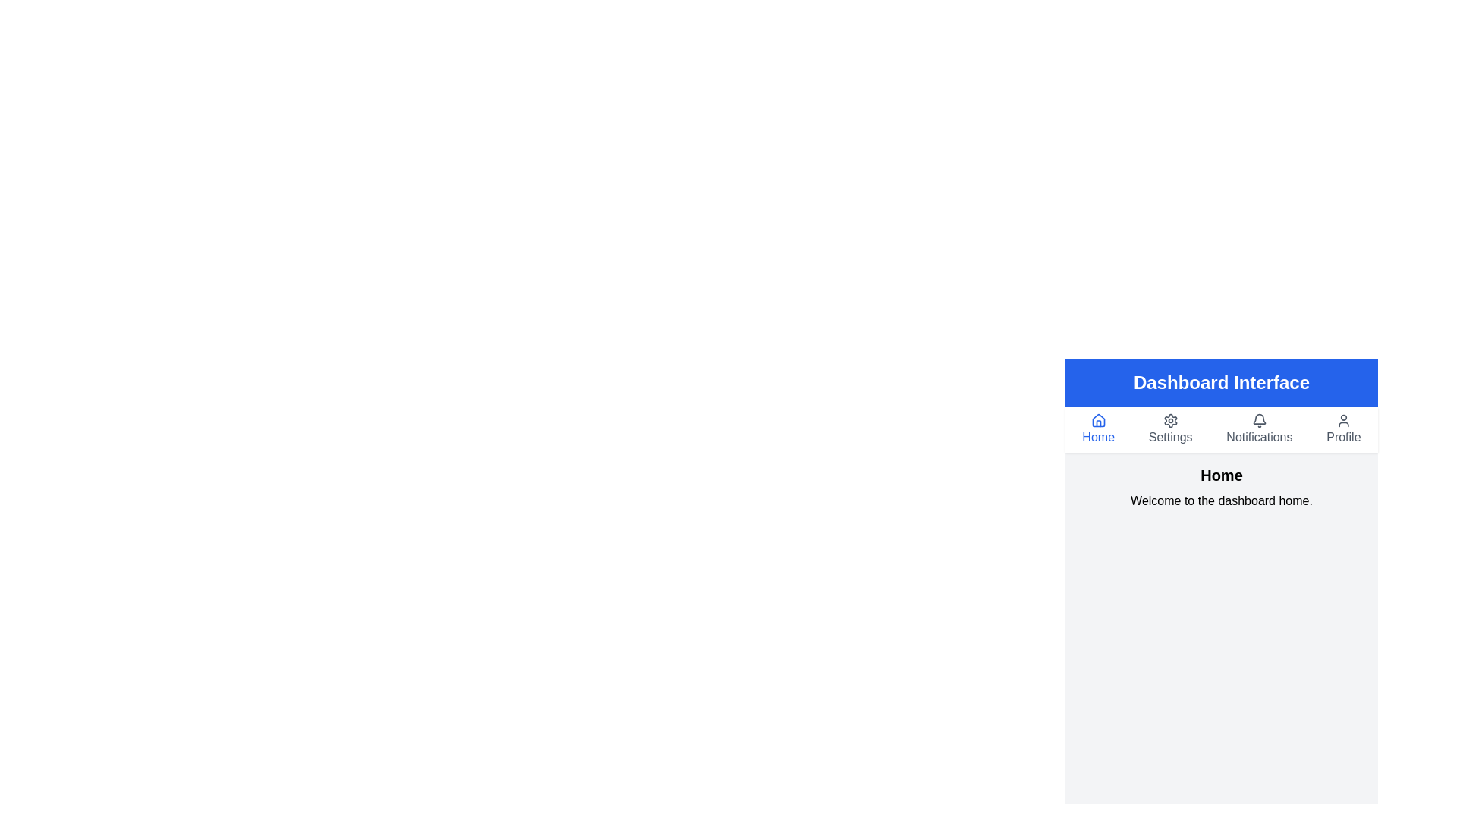 This screenshot has width=1457, height=819. What do you see at coordinates (1259, 430) in the screenshot?
I see `the 'Notifications' button in the navigation bar` at bounding box center [1259, 430].